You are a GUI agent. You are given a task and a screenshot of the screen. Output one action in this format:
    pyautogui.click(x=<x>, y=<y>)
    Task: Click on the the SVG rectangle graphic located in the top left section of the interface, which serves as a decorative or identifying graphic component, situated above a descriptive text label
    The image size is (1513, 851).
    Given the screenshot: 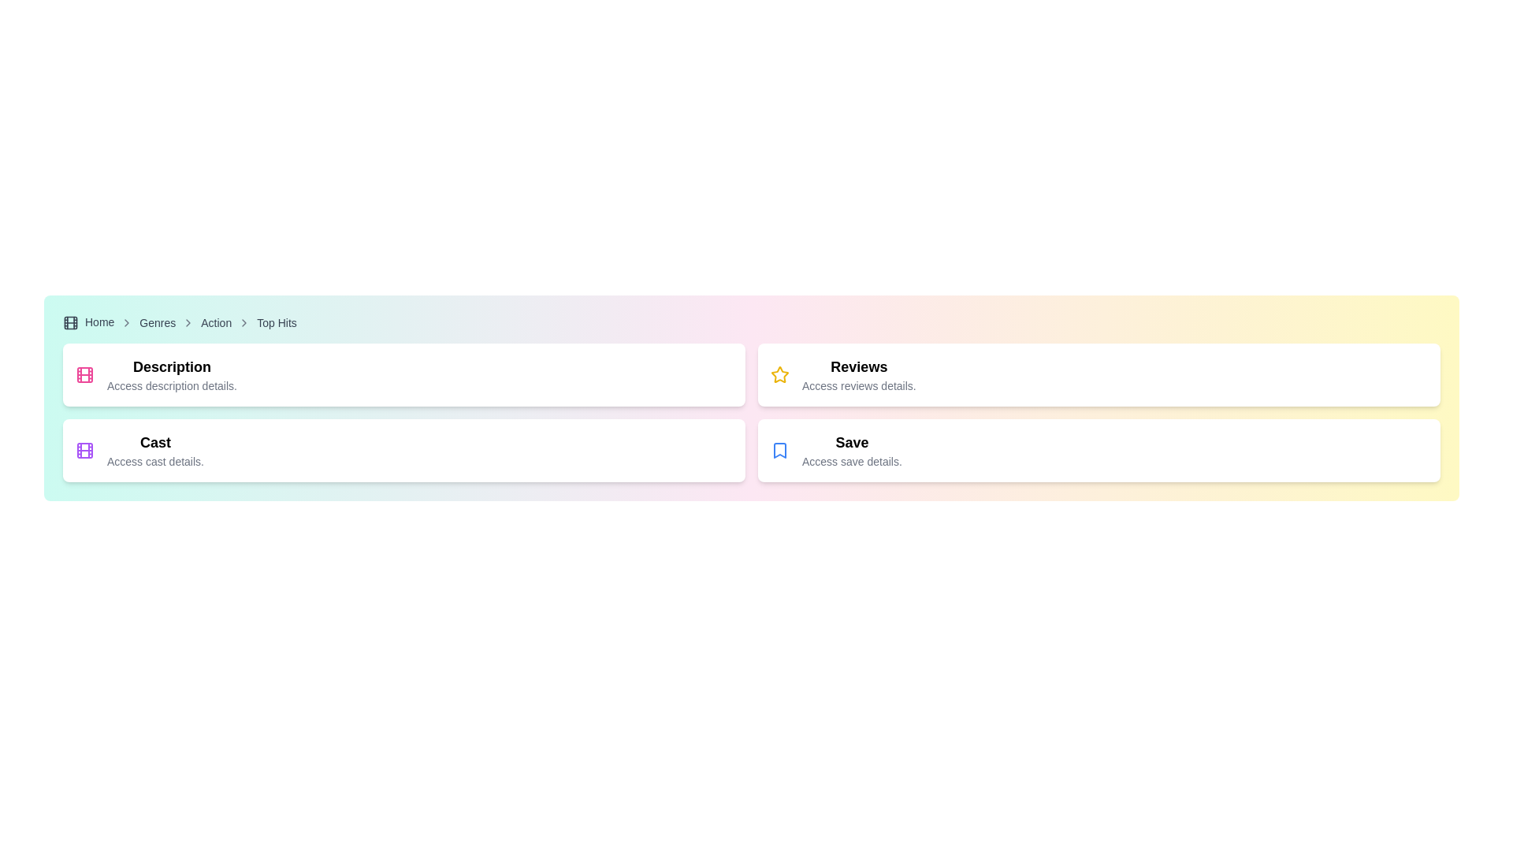 What is the action you would take?
    pyautogui.click(x=84, y=374)
    